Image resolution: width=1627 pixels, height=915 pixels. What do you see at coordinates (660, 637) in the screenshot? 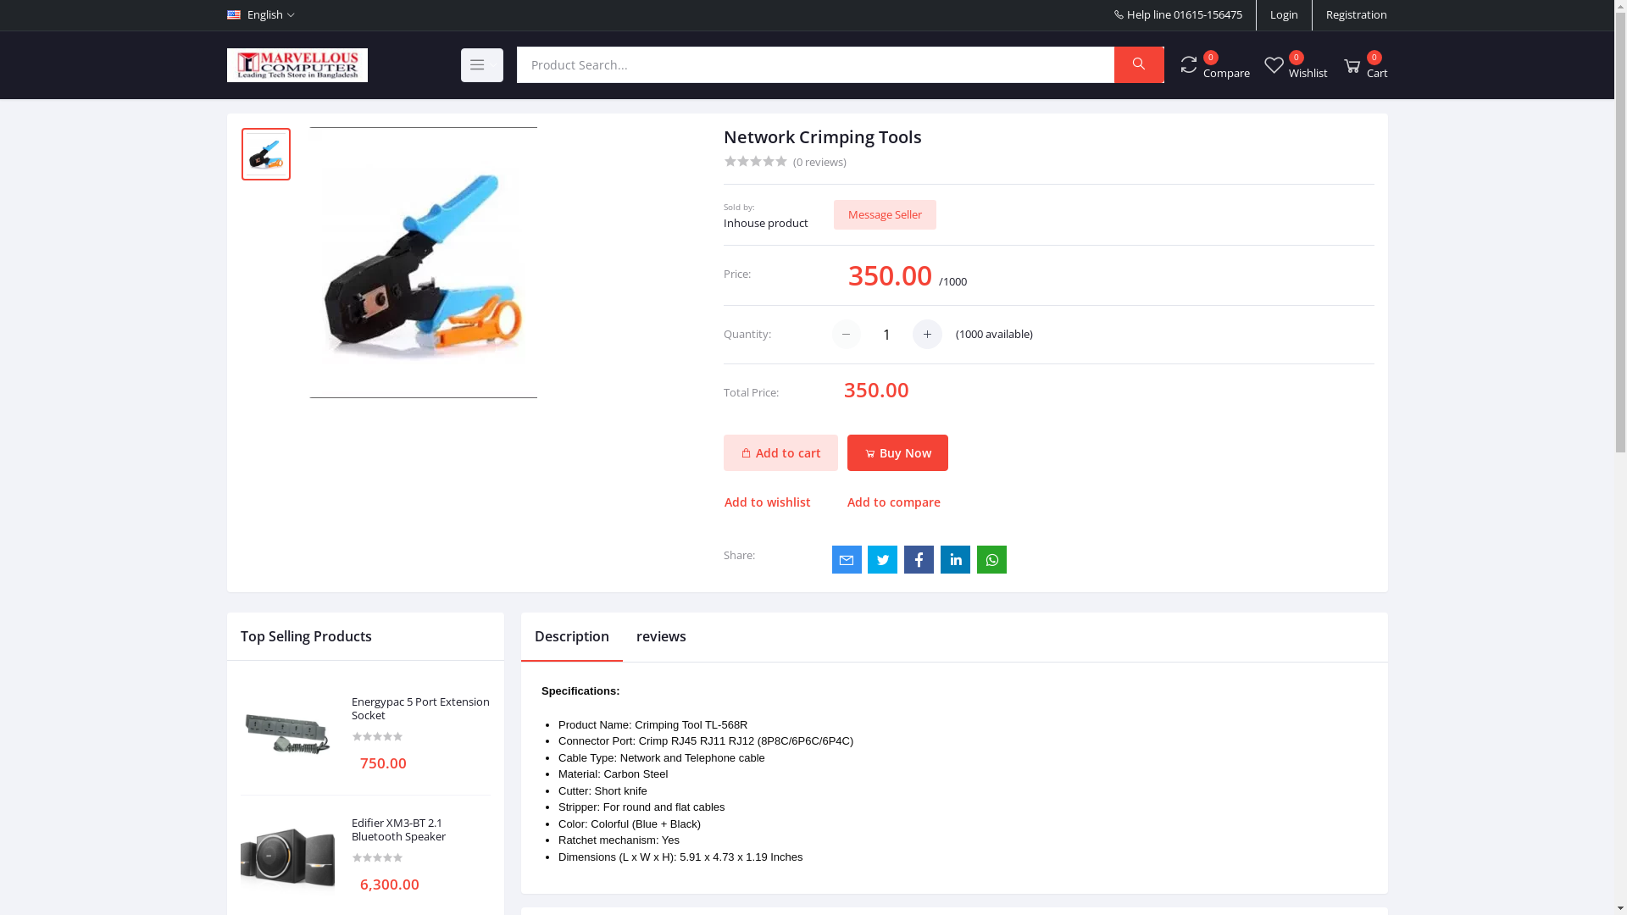
I see `'reviews'` at bounding box center [660, 637].